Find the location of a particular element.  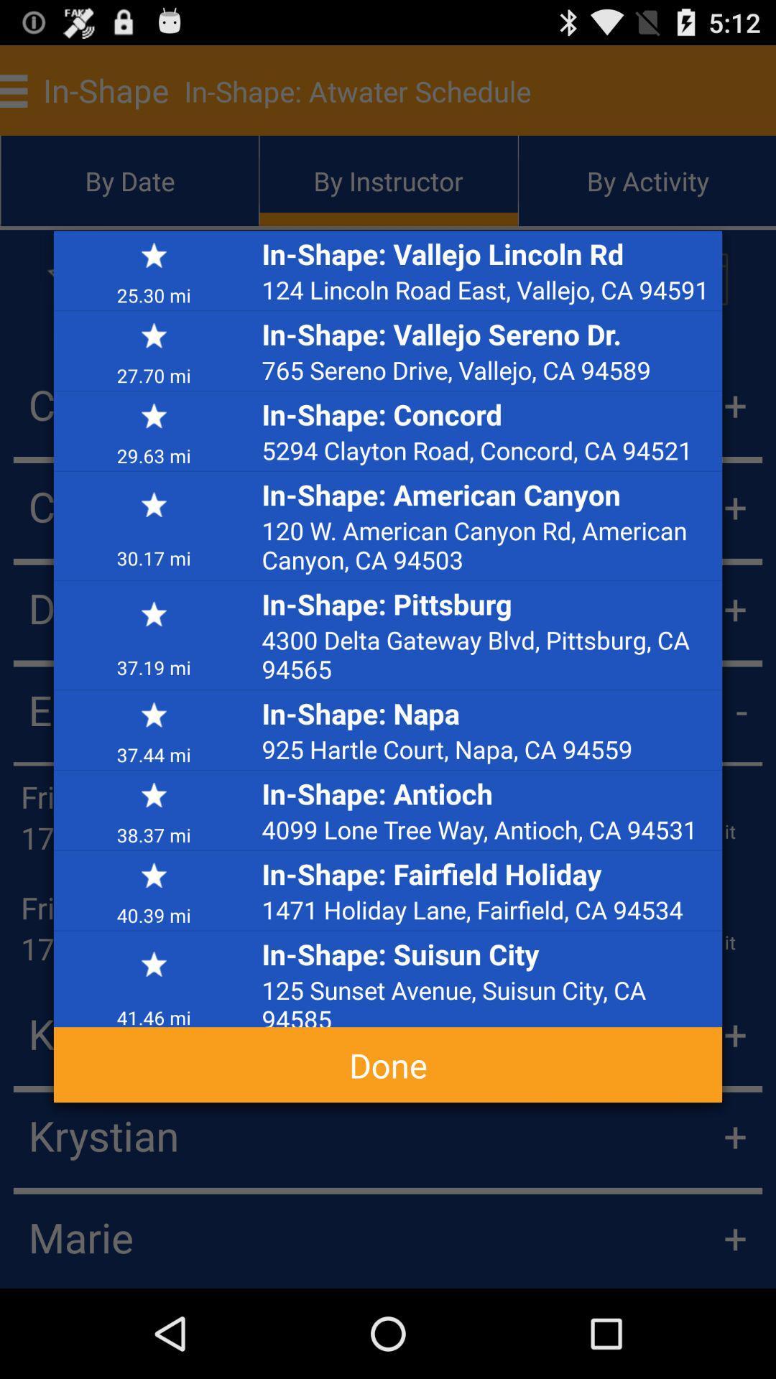

app below 41.46 mi is located at coordinates (388, 1064).